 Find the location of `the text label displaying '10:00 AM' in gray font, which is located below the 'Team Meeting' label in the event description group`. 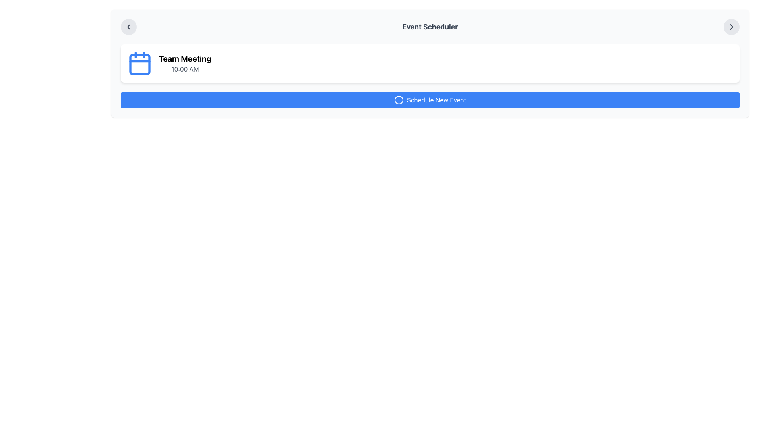

the text label displaying '10:00 AM' in gray font, which is located below the 'Team Meeting' label in the event description group is located at coordinates (184, 68).